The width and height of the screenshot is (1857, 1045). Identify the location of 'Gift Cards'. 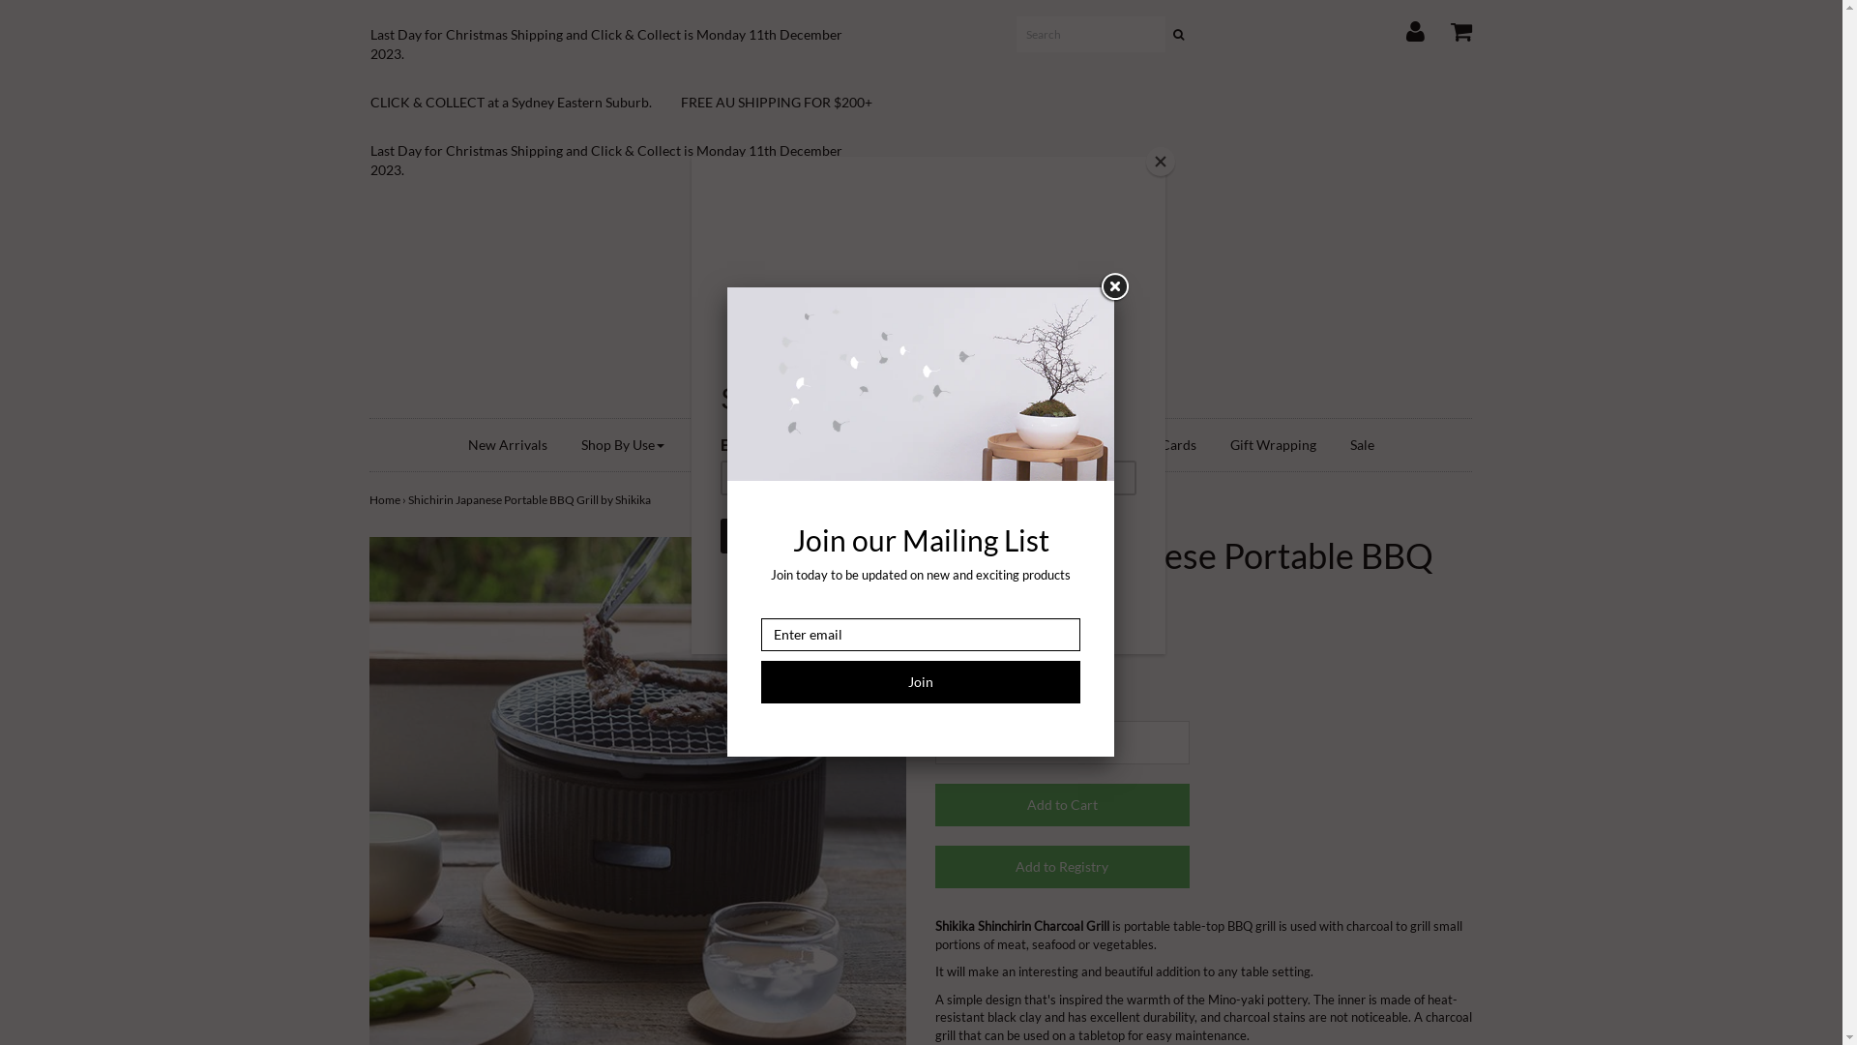
(1119, 444).